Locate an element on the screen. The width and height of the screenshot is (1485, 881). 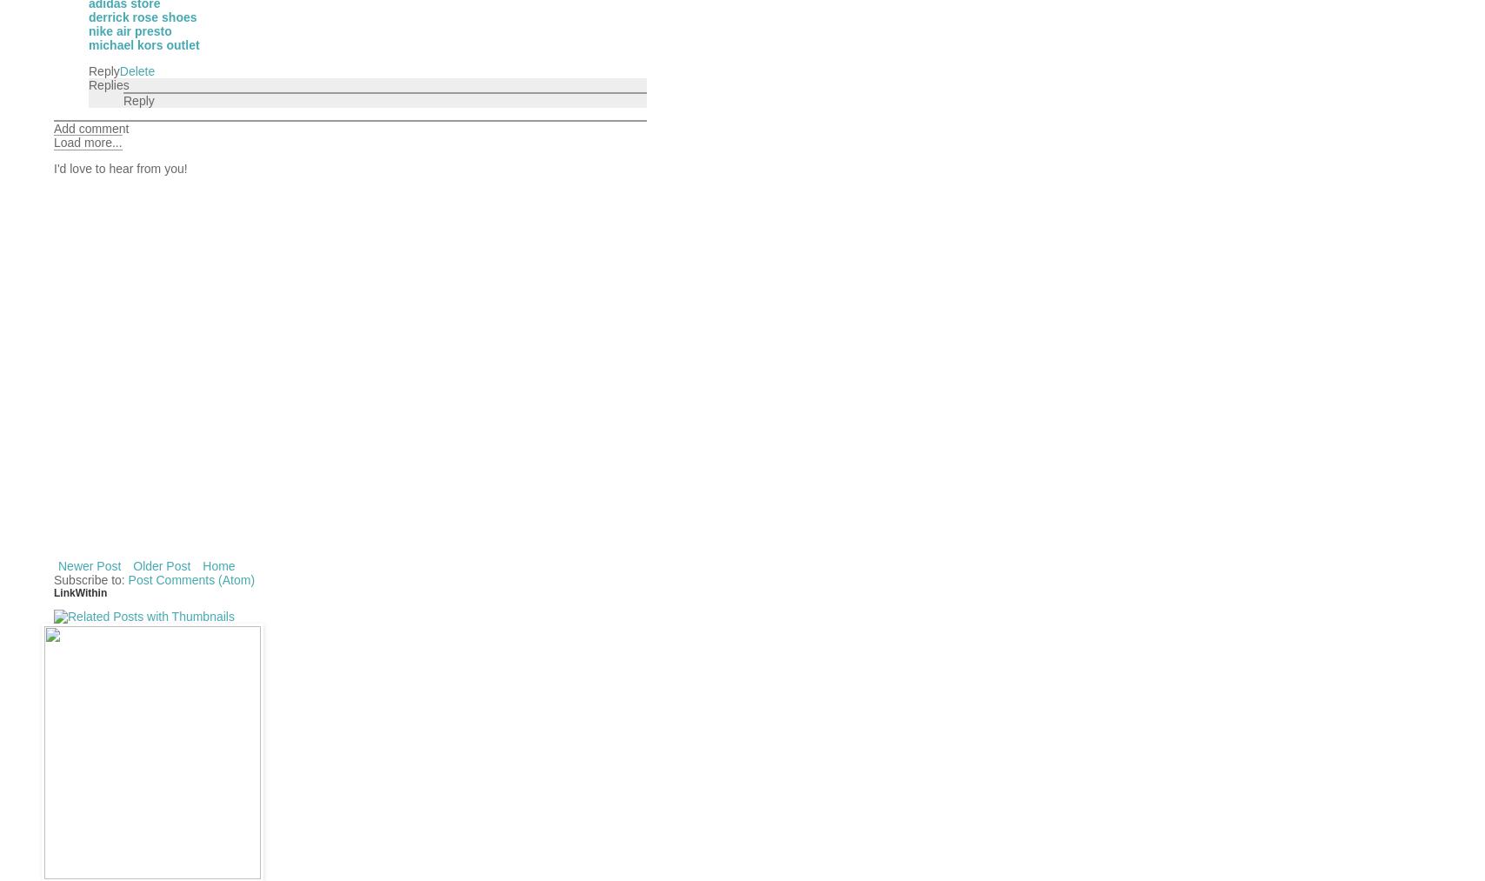
'LinkWithin' is located at coordinates (80, 591).